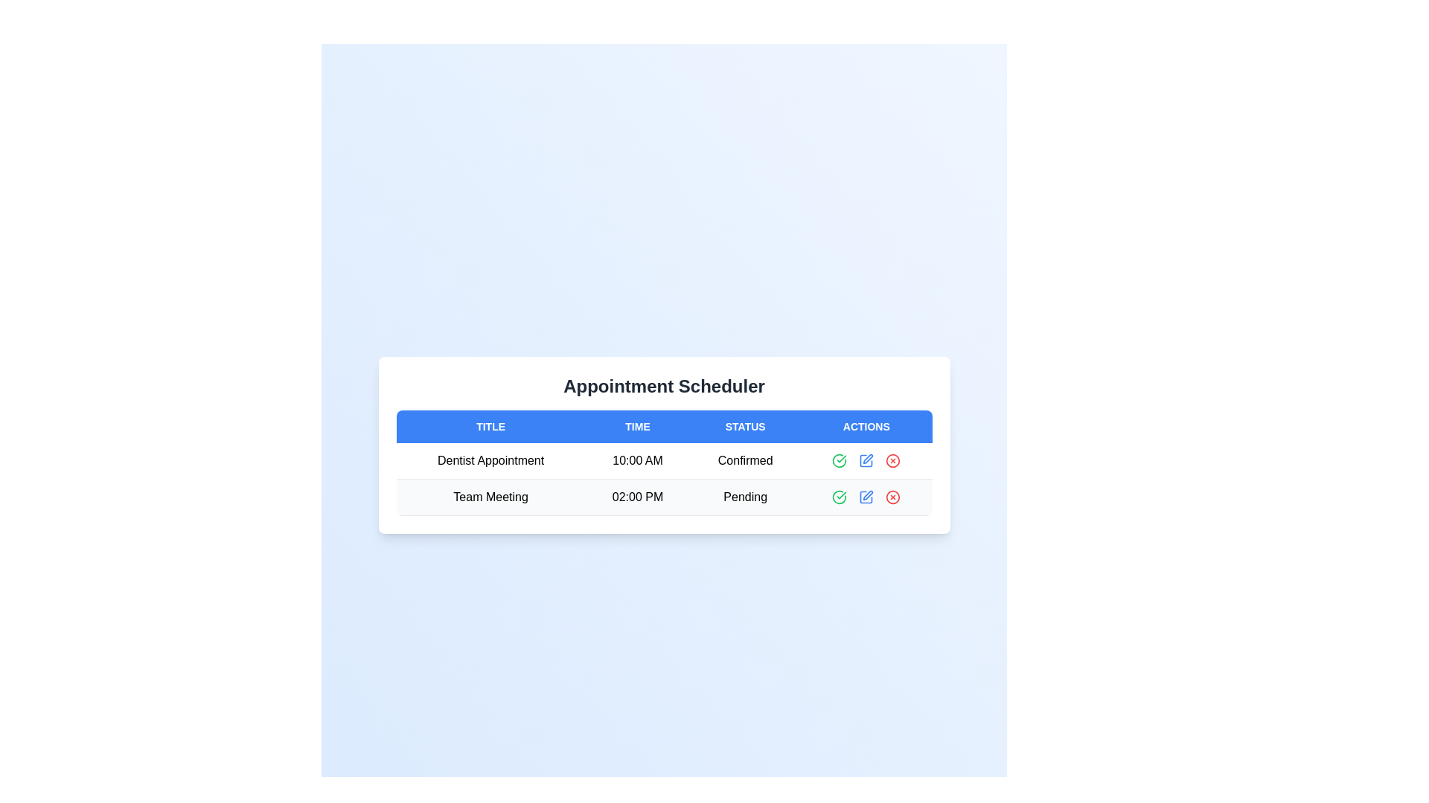  I want to click on displayed information in the second row of the appointment table, which includes the title 'Team Meeting', scheduled time '02:00 PM', and status 'Pending', so click(663, 497).